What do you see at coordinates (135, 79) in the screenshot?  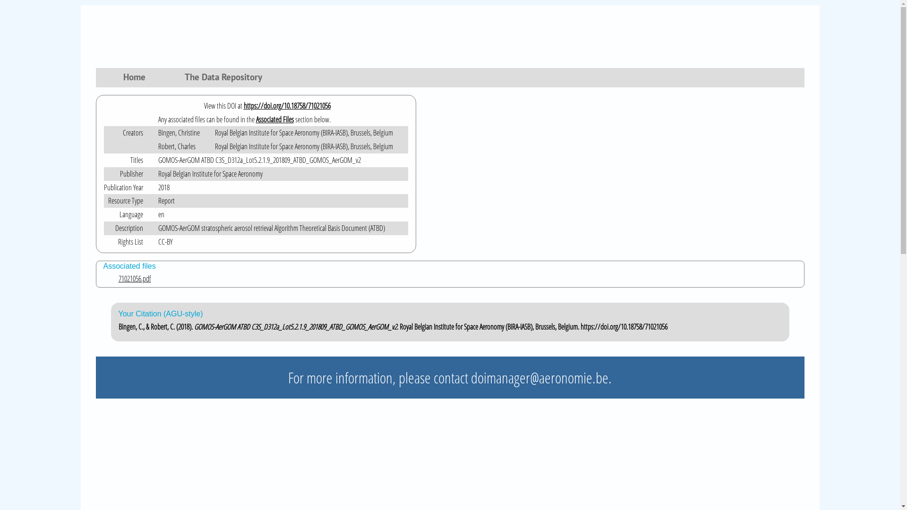 I see `'Home'` at bounding box center [135, 79].